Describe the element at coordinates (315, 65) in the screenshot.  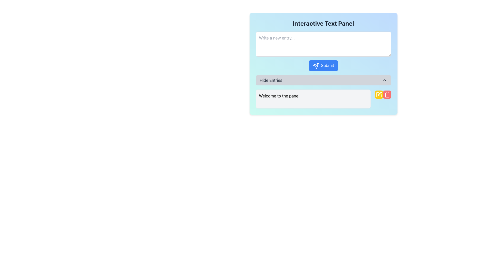
I see `the 'Submit' button which contains the SVG graphical icon` at that location.